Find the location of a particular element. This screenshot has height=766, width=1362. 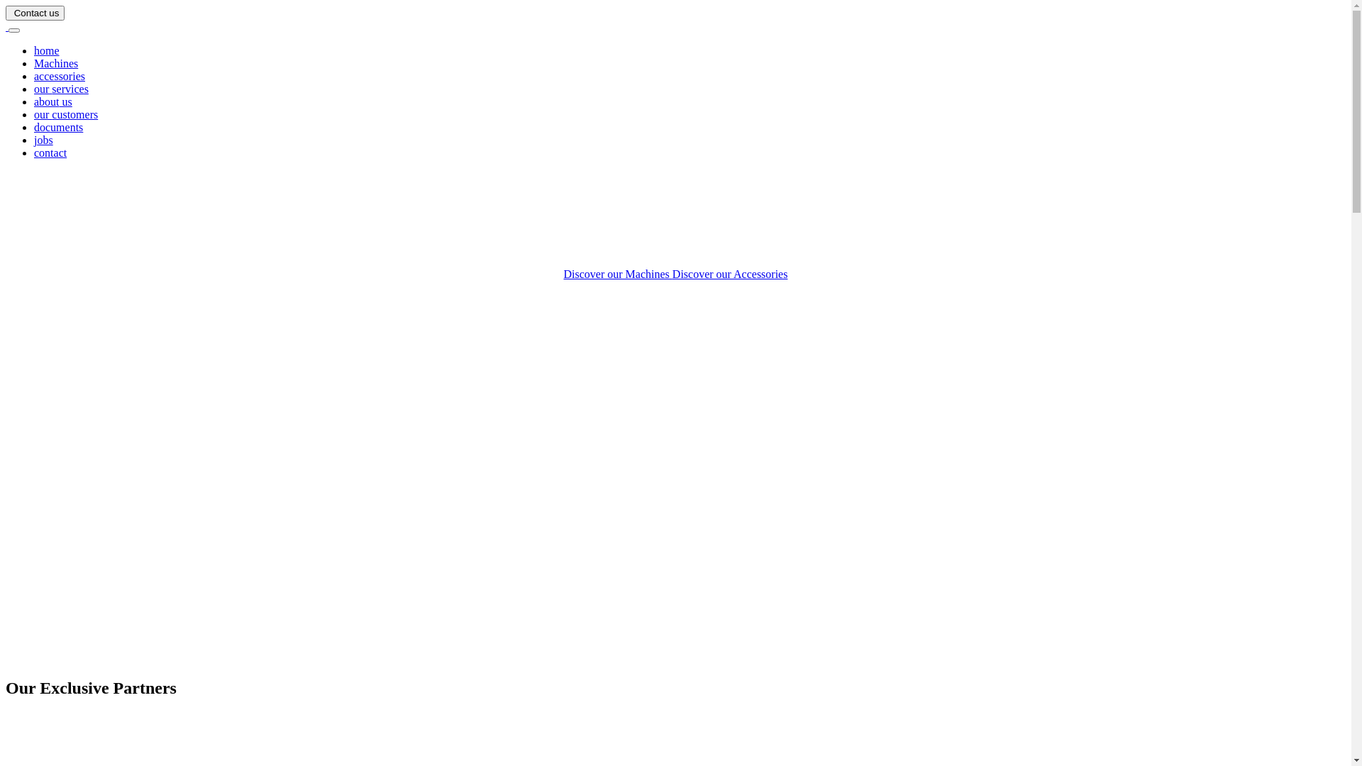

'about us' is located at coordinates (53, 101).